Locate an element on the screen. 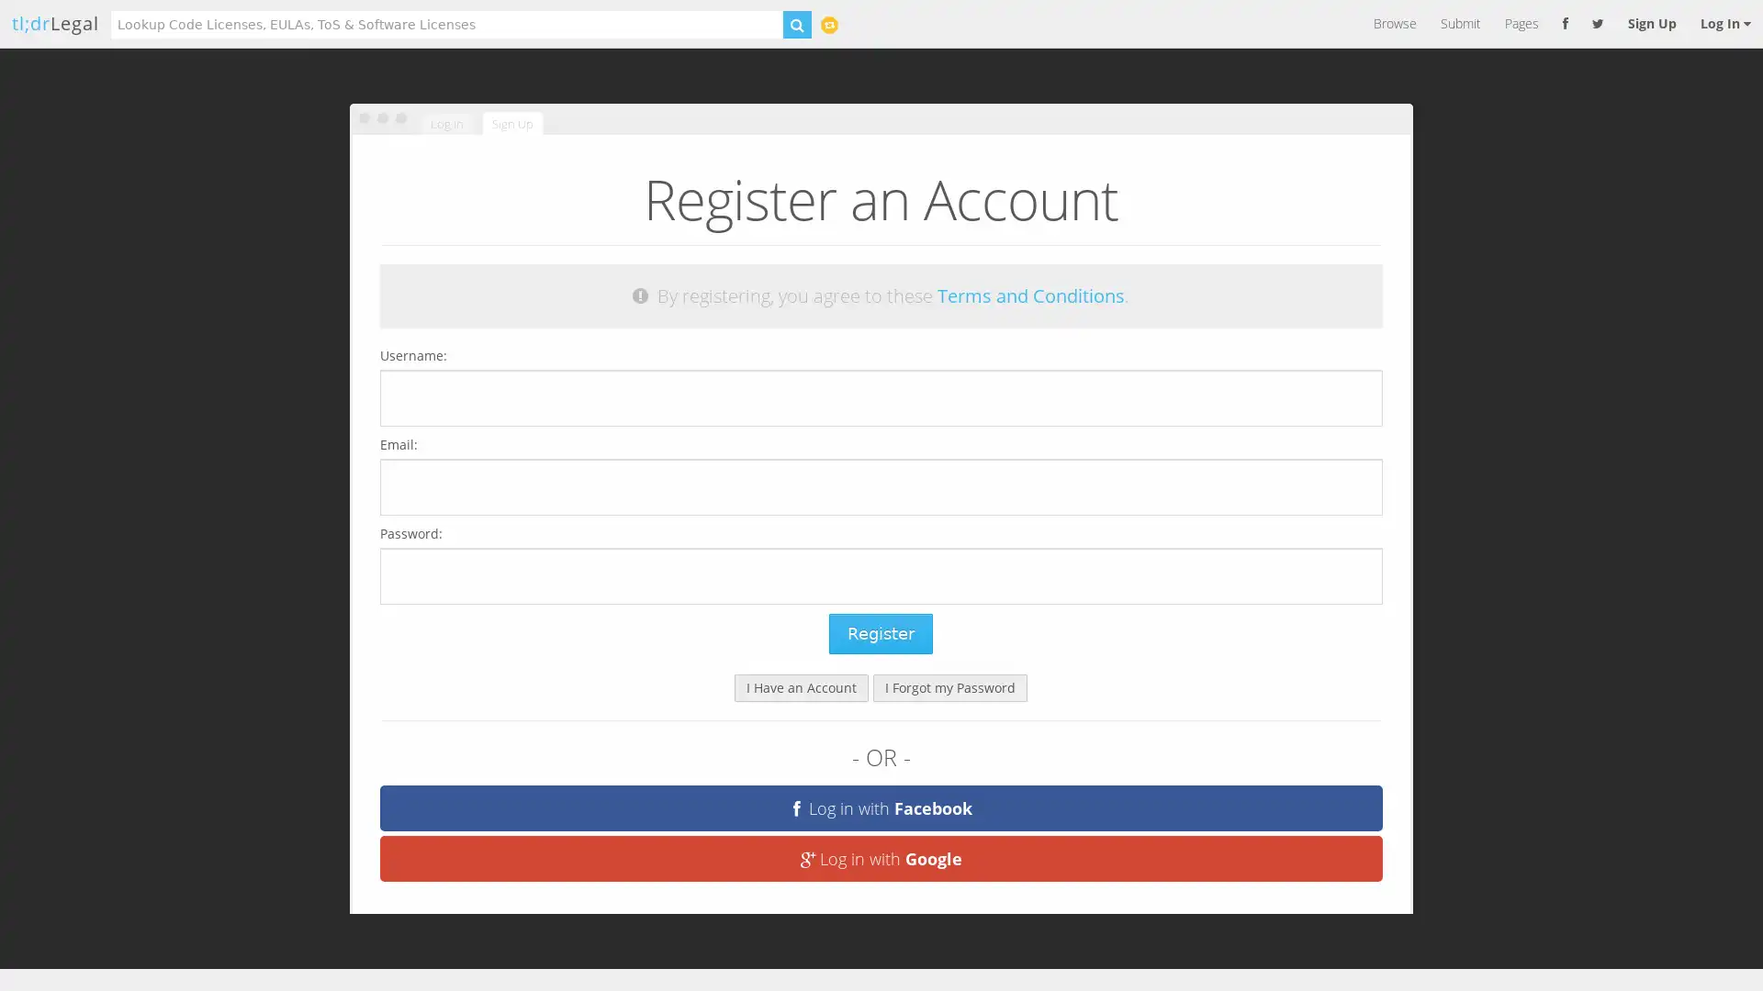 This screenshot has width=1763, height=991. Register is located at coordinates (880, 632).